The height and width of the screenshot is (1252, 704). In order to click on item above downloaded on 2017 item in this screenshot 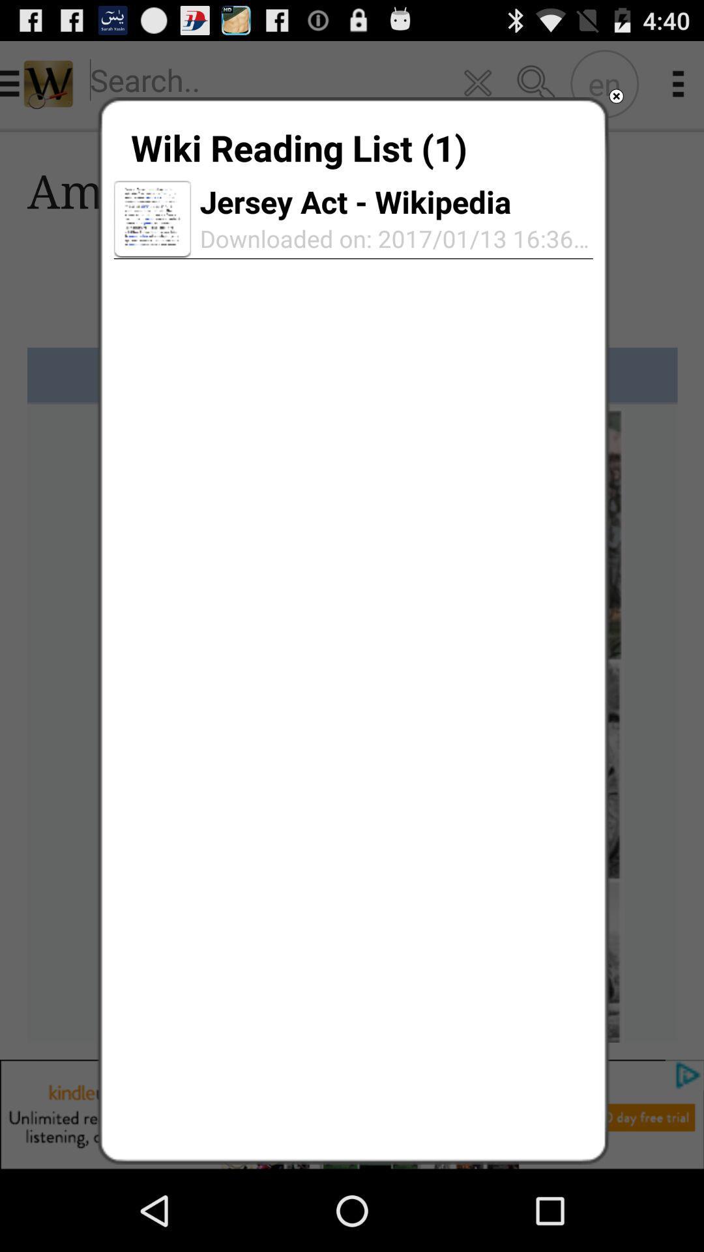, I will do `click(355, 201)`.